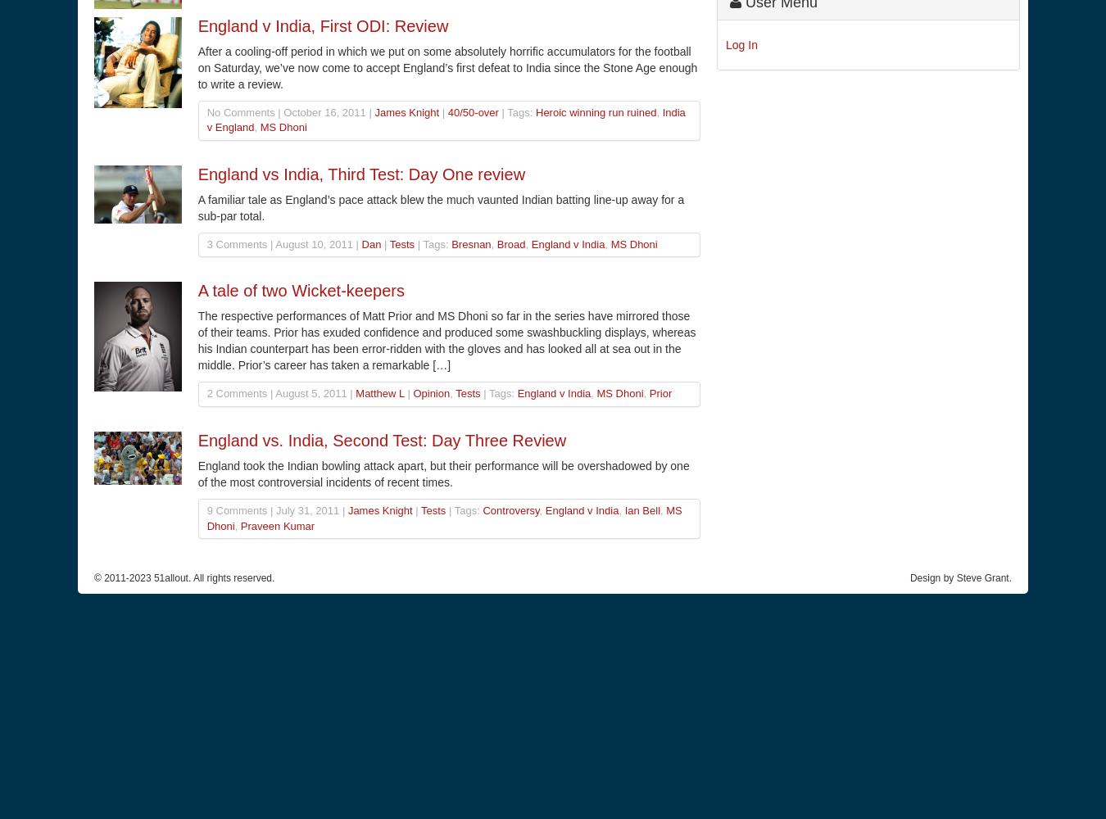 The width and height of the screenshot is (1106, 819). I want to click on 'Bresnan', so click(470, 243).